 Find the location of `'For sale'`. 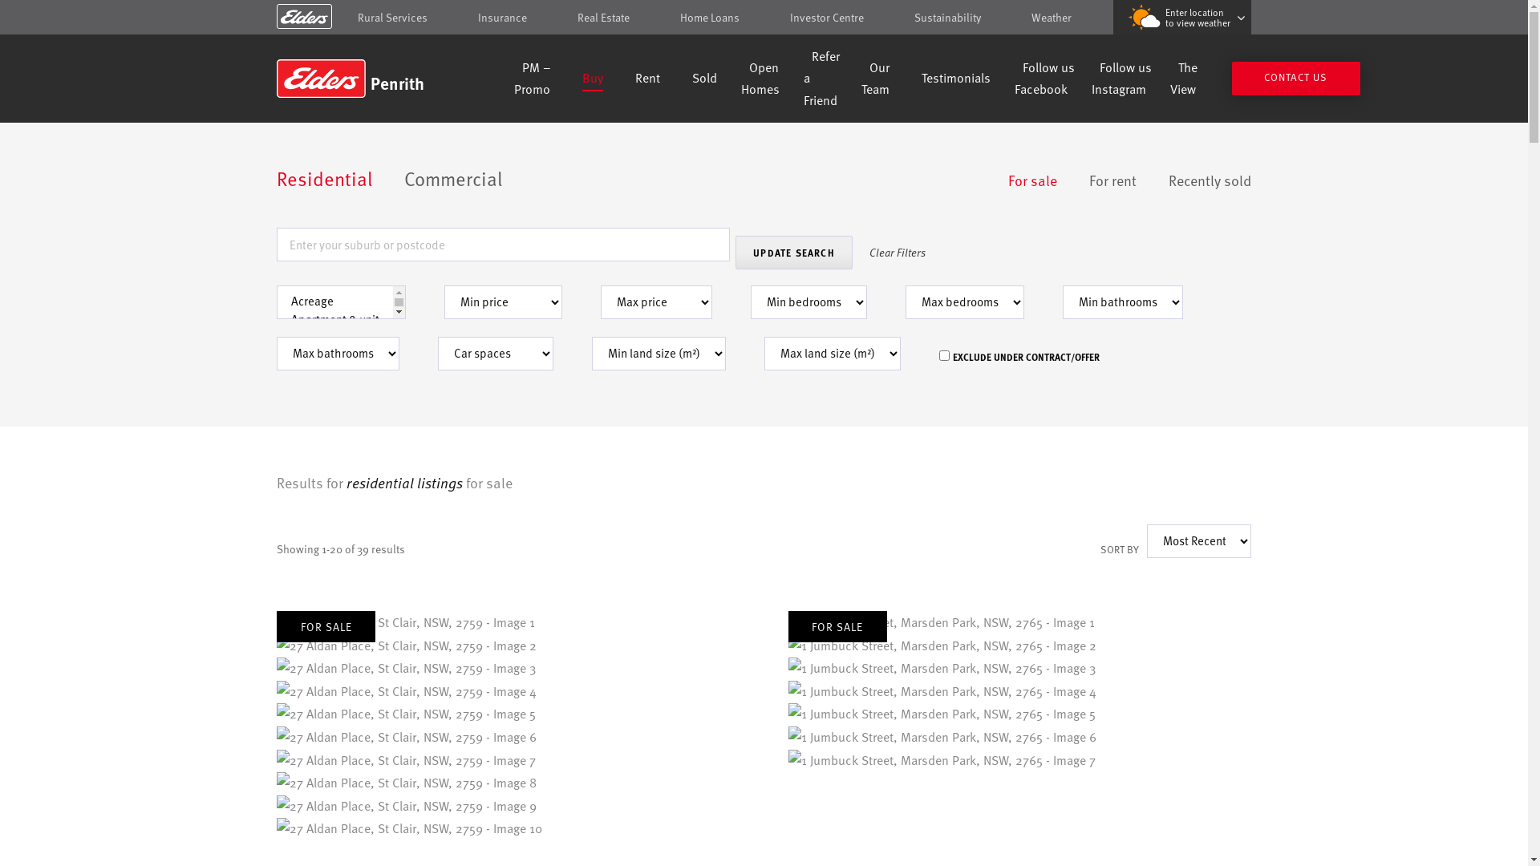

'For sale' is located at coordinates (1007, 180).